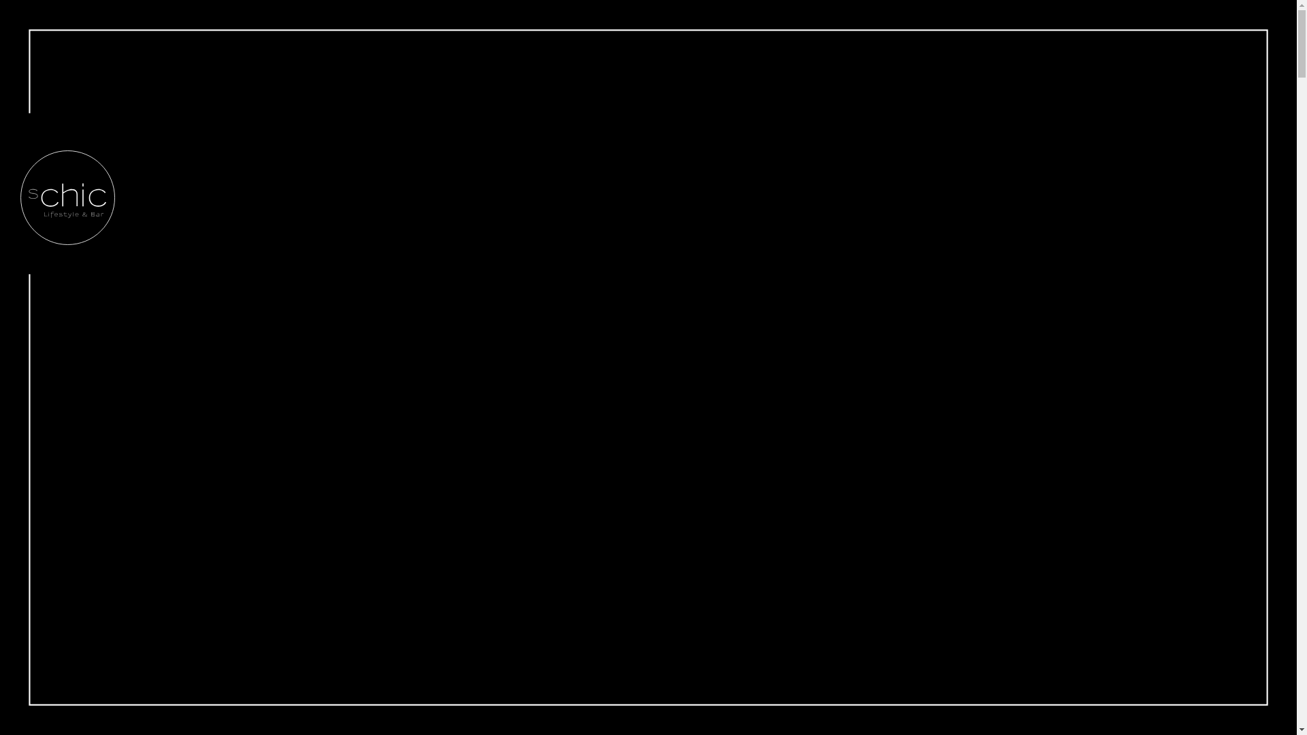 This screenshot has width=1307, height=735. Describe the element at coordinates (67, 197) in the screenshot. I see `'sChic Bar Zillertal'` at that location.